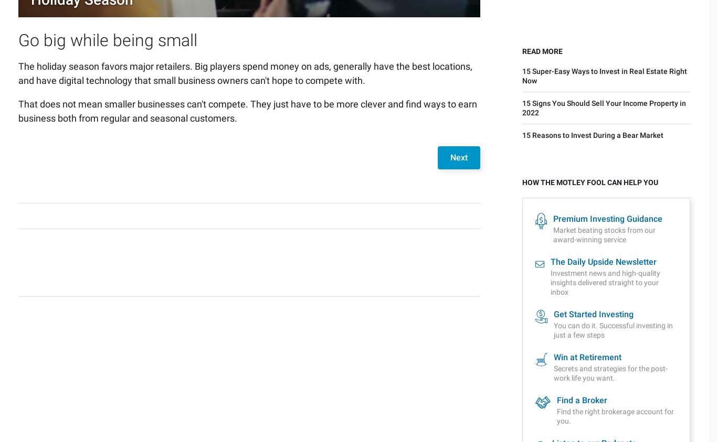  What do you see at coordinates (586, 119) in the screenshot?
I see `'Win at Retirement'` at bounding box center [586, 119].